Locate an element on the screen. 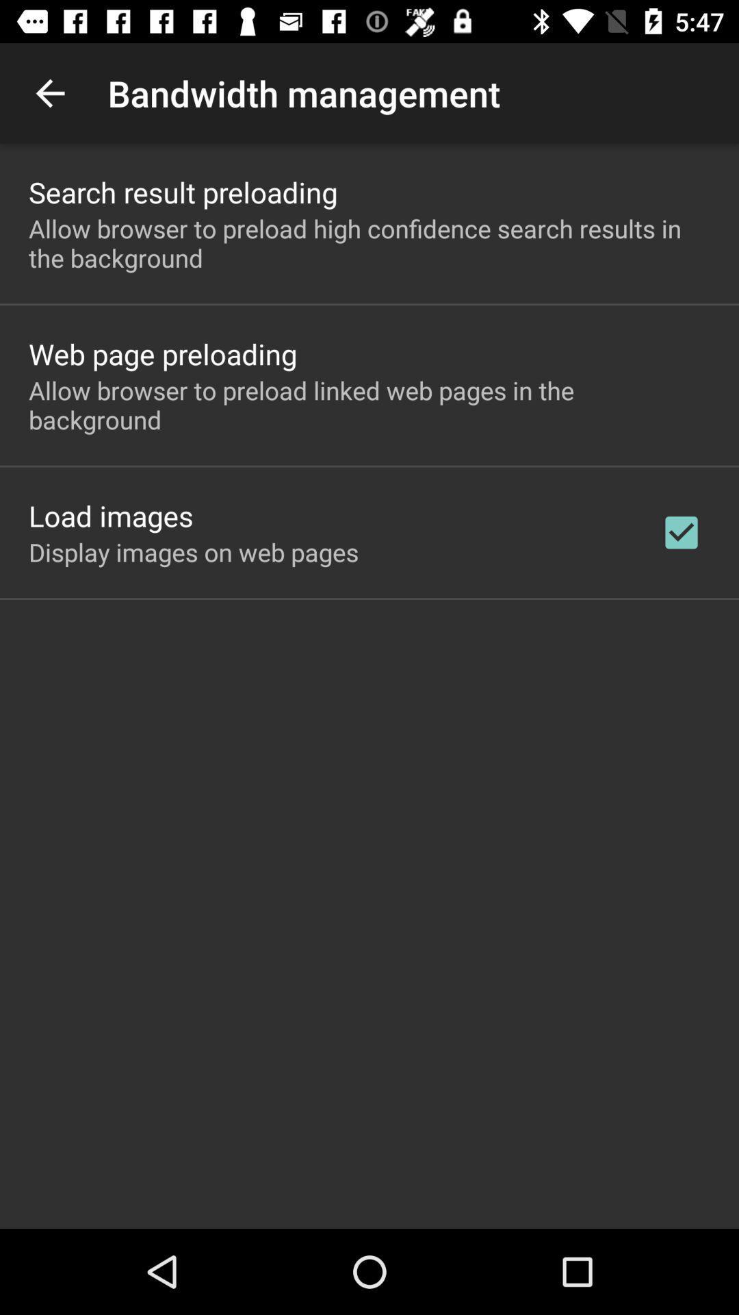 Image resolution: width=739 pixels, height=1315 pixels. the item below allow browser to is located at coordinates (162, 353).